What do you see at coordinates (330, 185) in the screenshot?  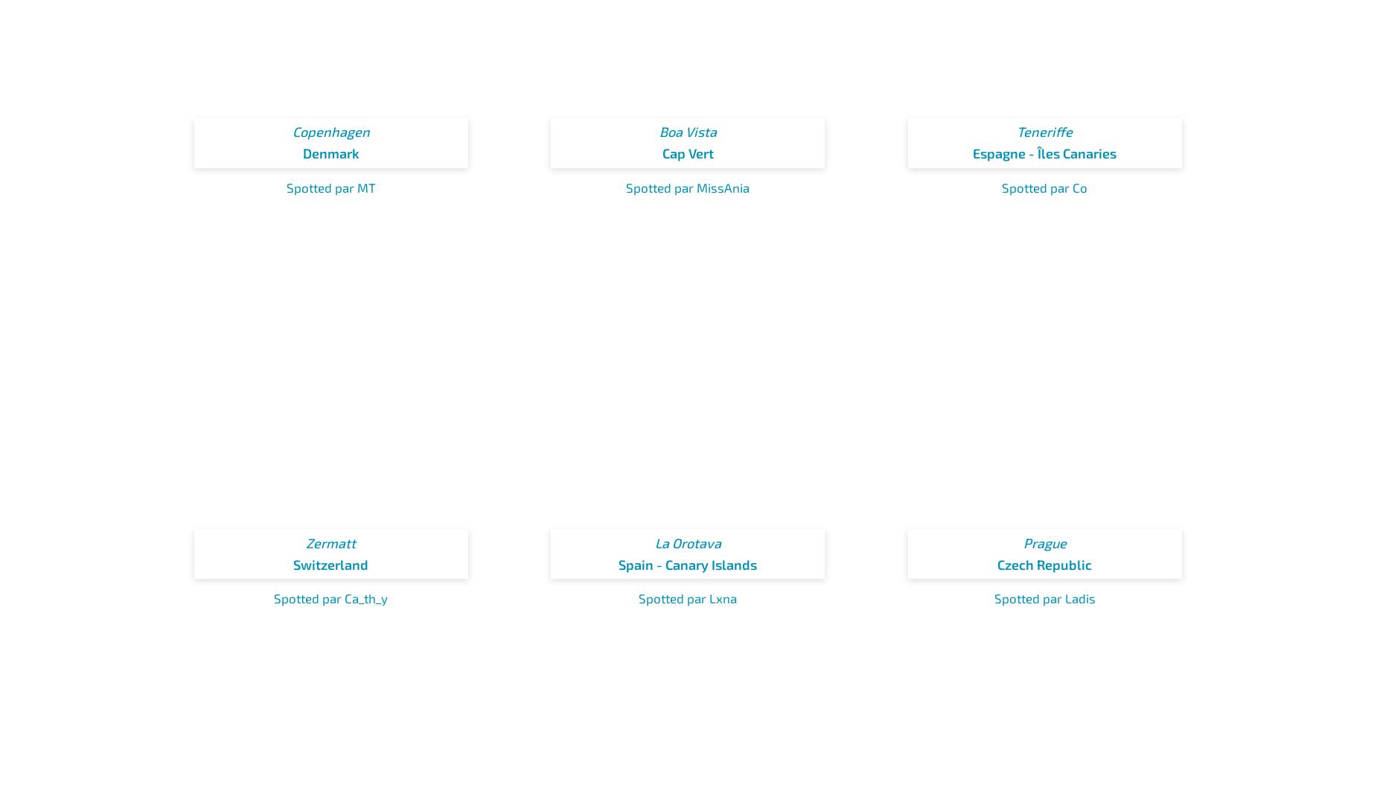 I see `'Spotted par MT'` at bounding box center [330, 185].